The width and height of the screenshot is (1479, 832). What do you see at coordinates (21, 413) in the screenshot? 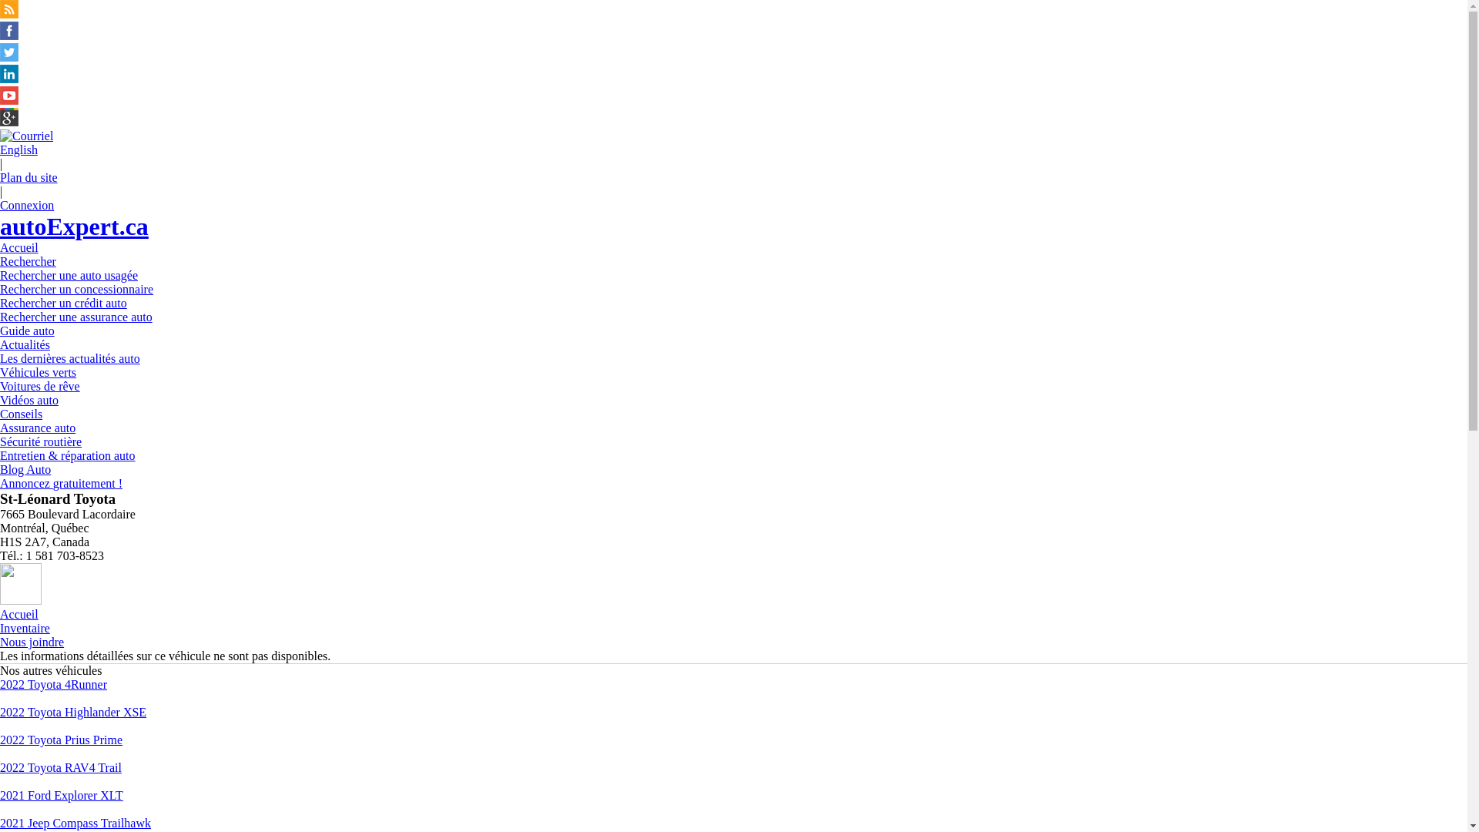
I see `'Conseils'` at bounding box center [21, 413].